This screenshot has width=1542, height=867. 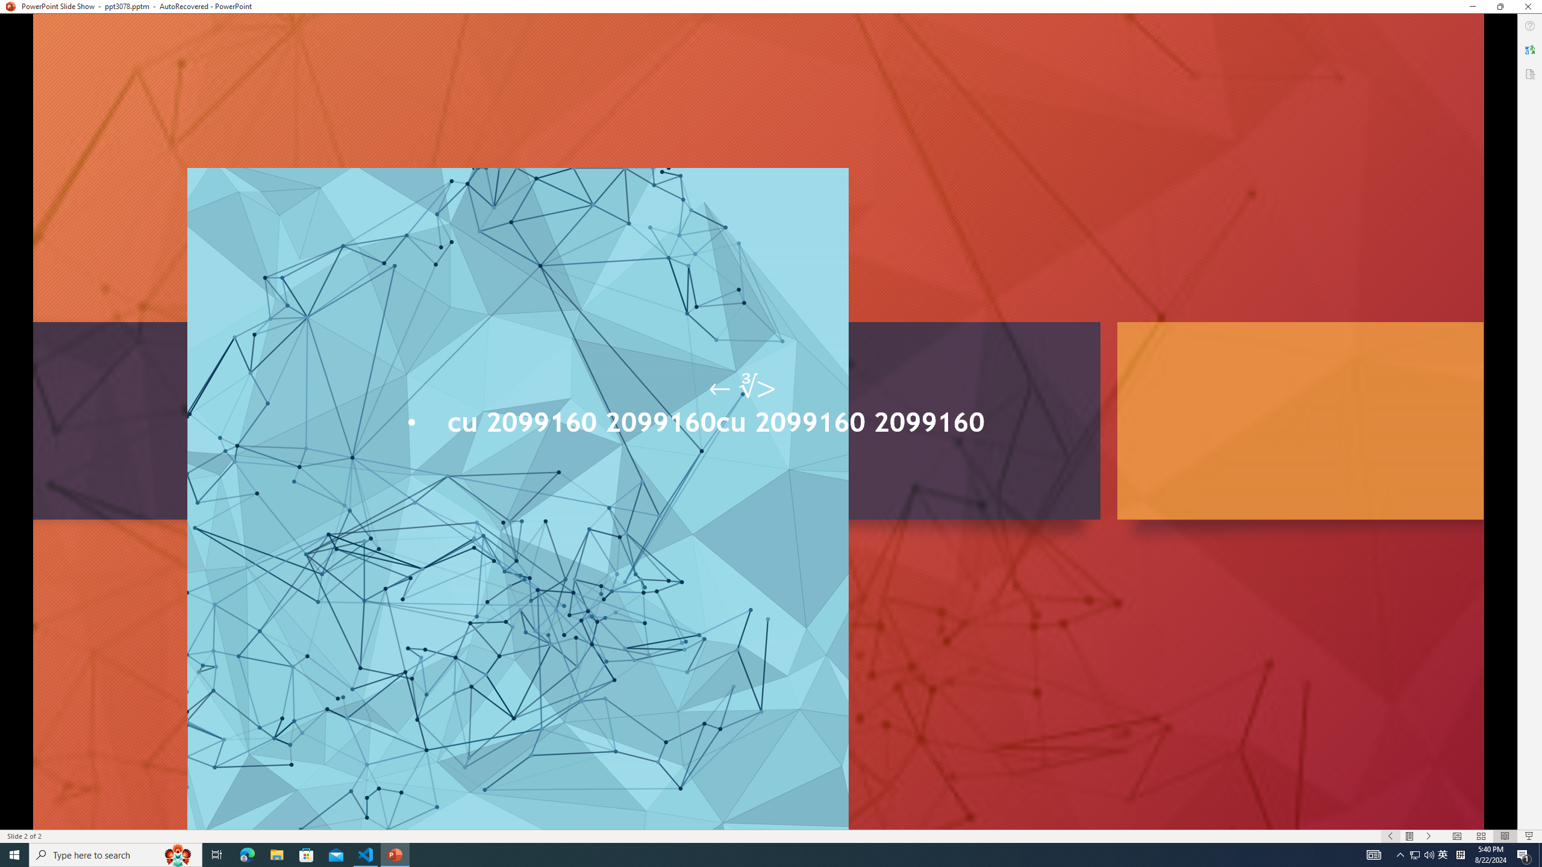 What do you see at coordinates (1429, 836) in the screenshot?
I see `'Slide Show Next On'` at bounding box center [1429, 836].